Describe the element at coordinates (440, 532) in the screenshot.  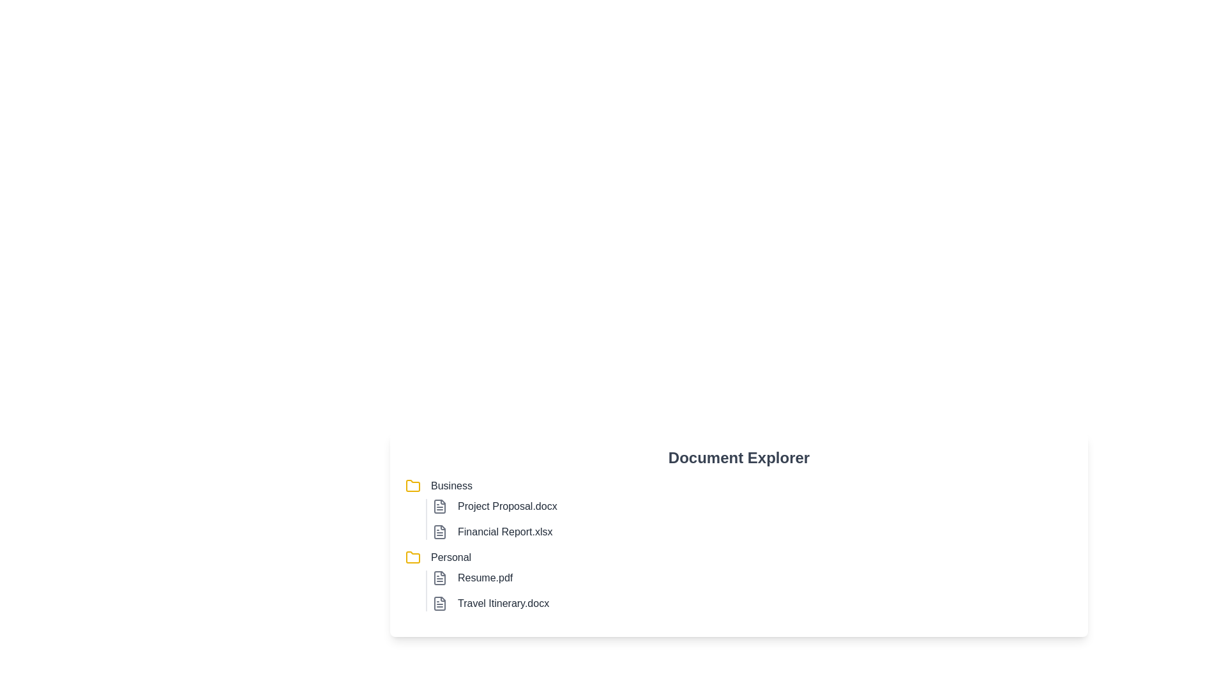
I see `the icon representing the document 'Financial Report.xlsx' for focus` at that location.